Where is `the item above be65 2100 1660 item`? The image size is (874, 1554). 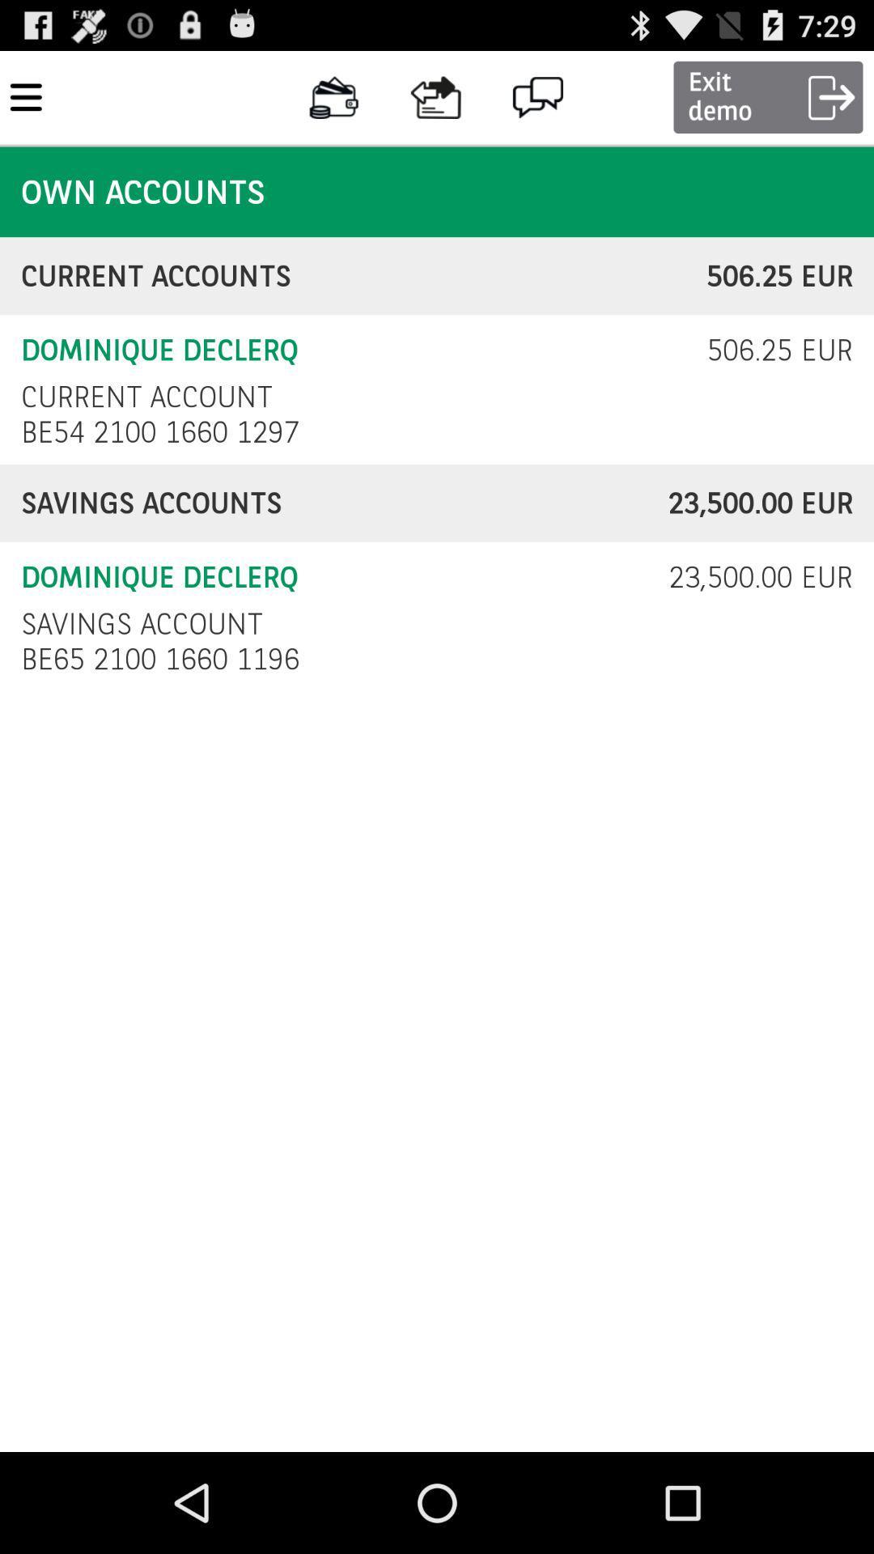 the item above be65 2100 1660 item is located at coordinates (141, 623).